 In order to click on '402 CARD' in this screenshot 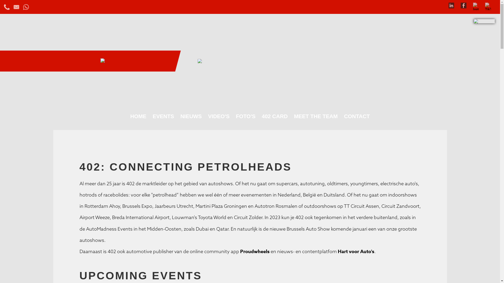, I will do `click(274, 116)`.